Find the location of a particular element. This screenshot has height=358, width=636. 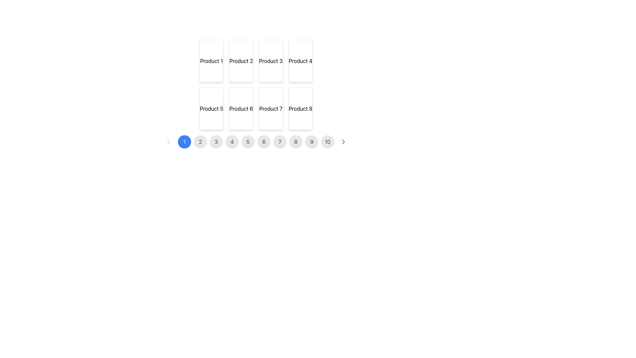

the chevron arrow icon positioned at the extreme right of the pagination controls is located at coordinates (343, 142).